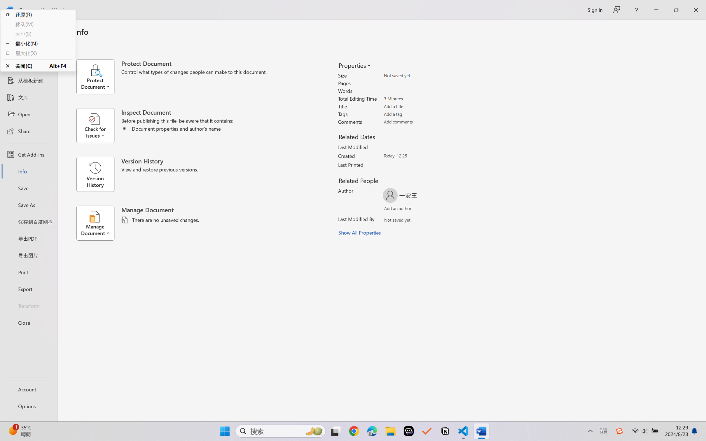 The height and width of the screenshot is (441, 706). What do you see at coordinates (28, 154) in the screenshot?
I see `'Get Add-ins'` at bounding box center [28, 154].